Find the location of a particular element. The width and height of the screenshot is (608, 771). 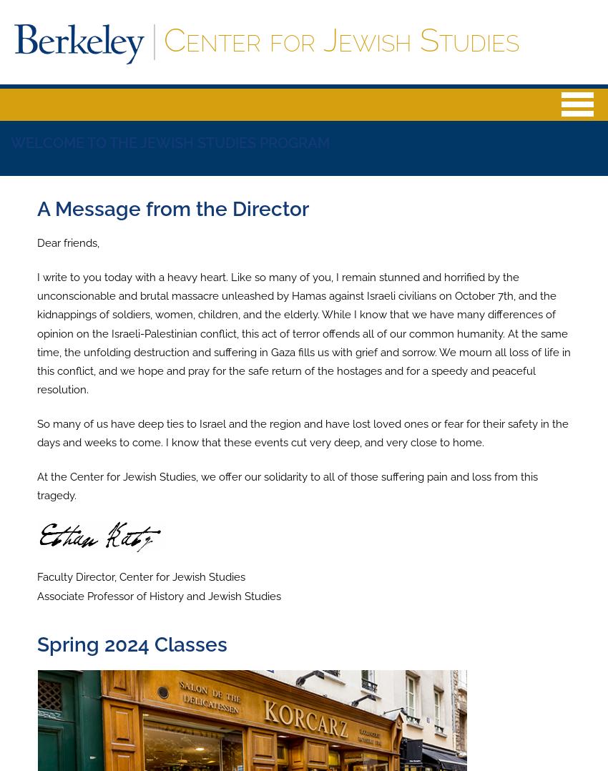

'Faculty Director, Center for Jewish Studies' is located at coordinates (37, 576).